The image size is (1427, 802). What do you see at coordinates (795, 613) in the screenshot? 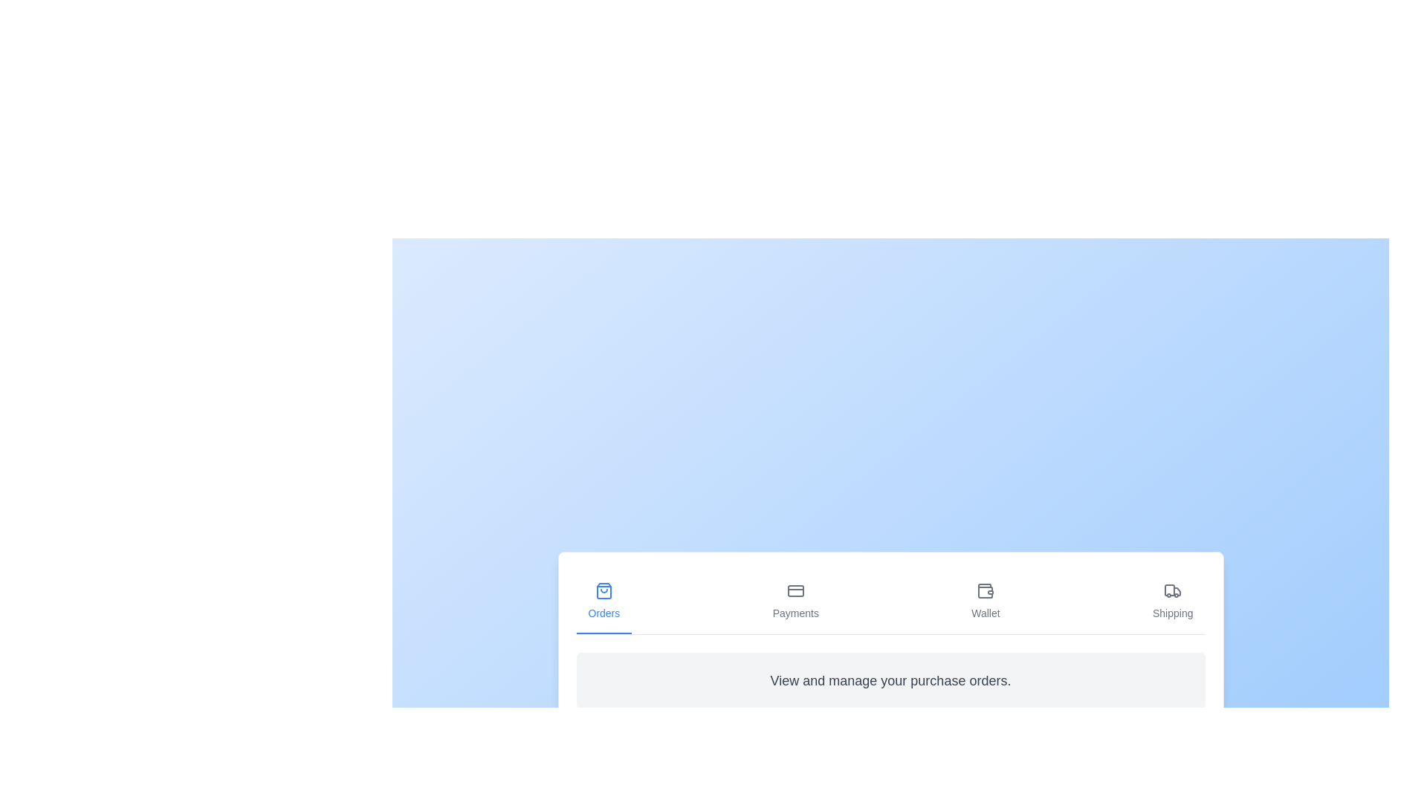
I see `text label displaying 'Payments' which is located below the credit card icon in the second item of the horizontal navigation bar` at bounding box center [795, 613].